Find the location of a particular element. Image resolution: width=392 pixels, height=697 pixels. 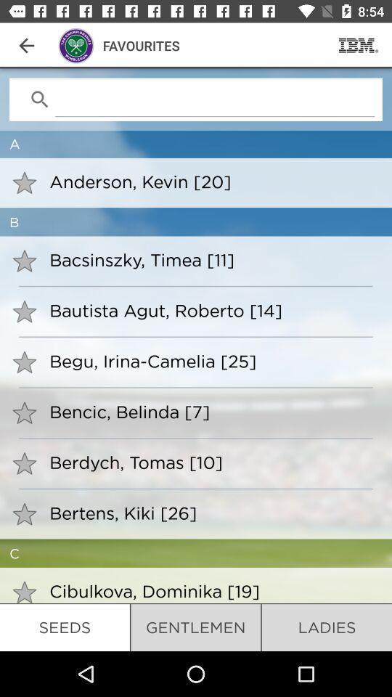

gentlemen item is located at coordinates (195, 627).